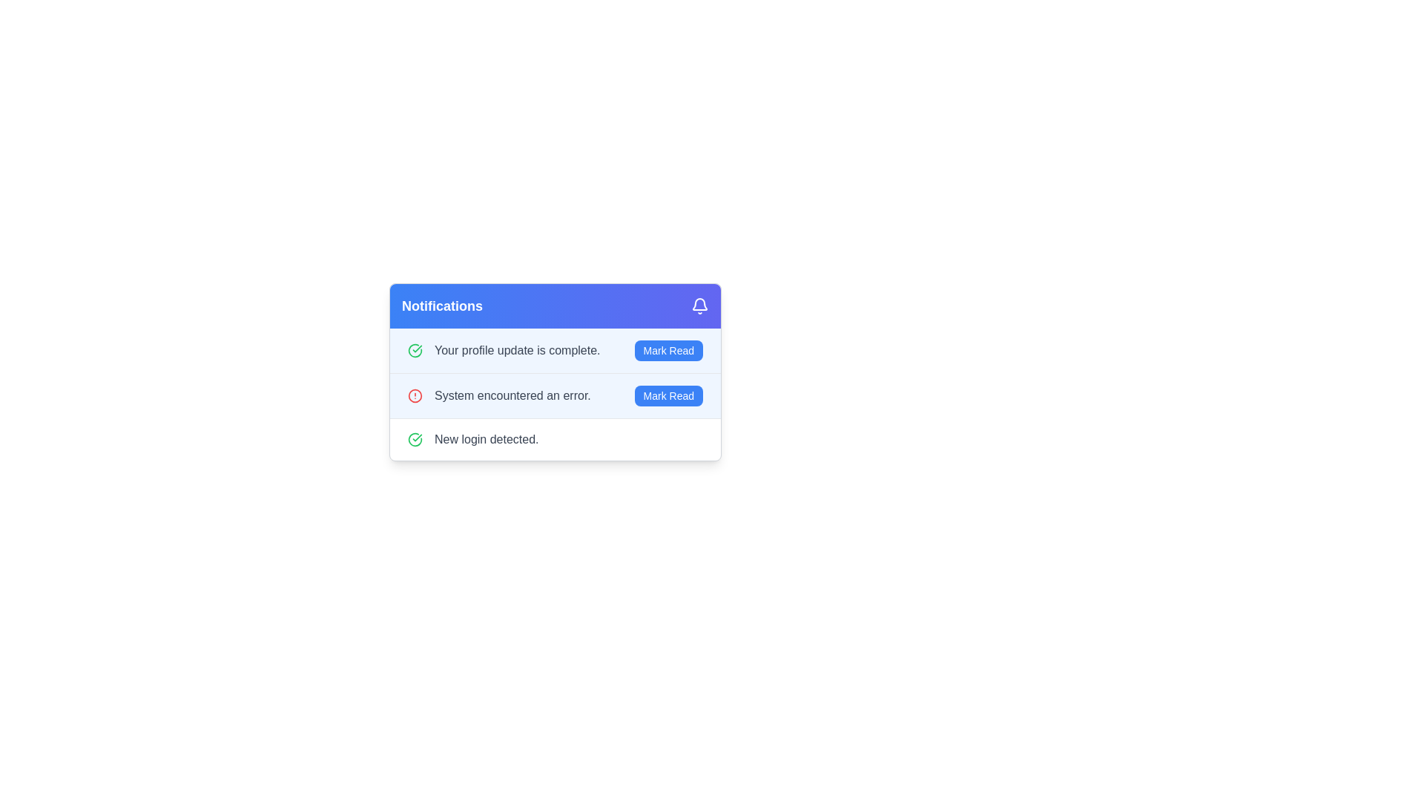  What do you see at coordinates (415, 351) in the screenshot?
I see `green circular status indicator icon with a checkmark next to the text 'Your profile update is complete.' to view related details` at bounding box center [415, 351].